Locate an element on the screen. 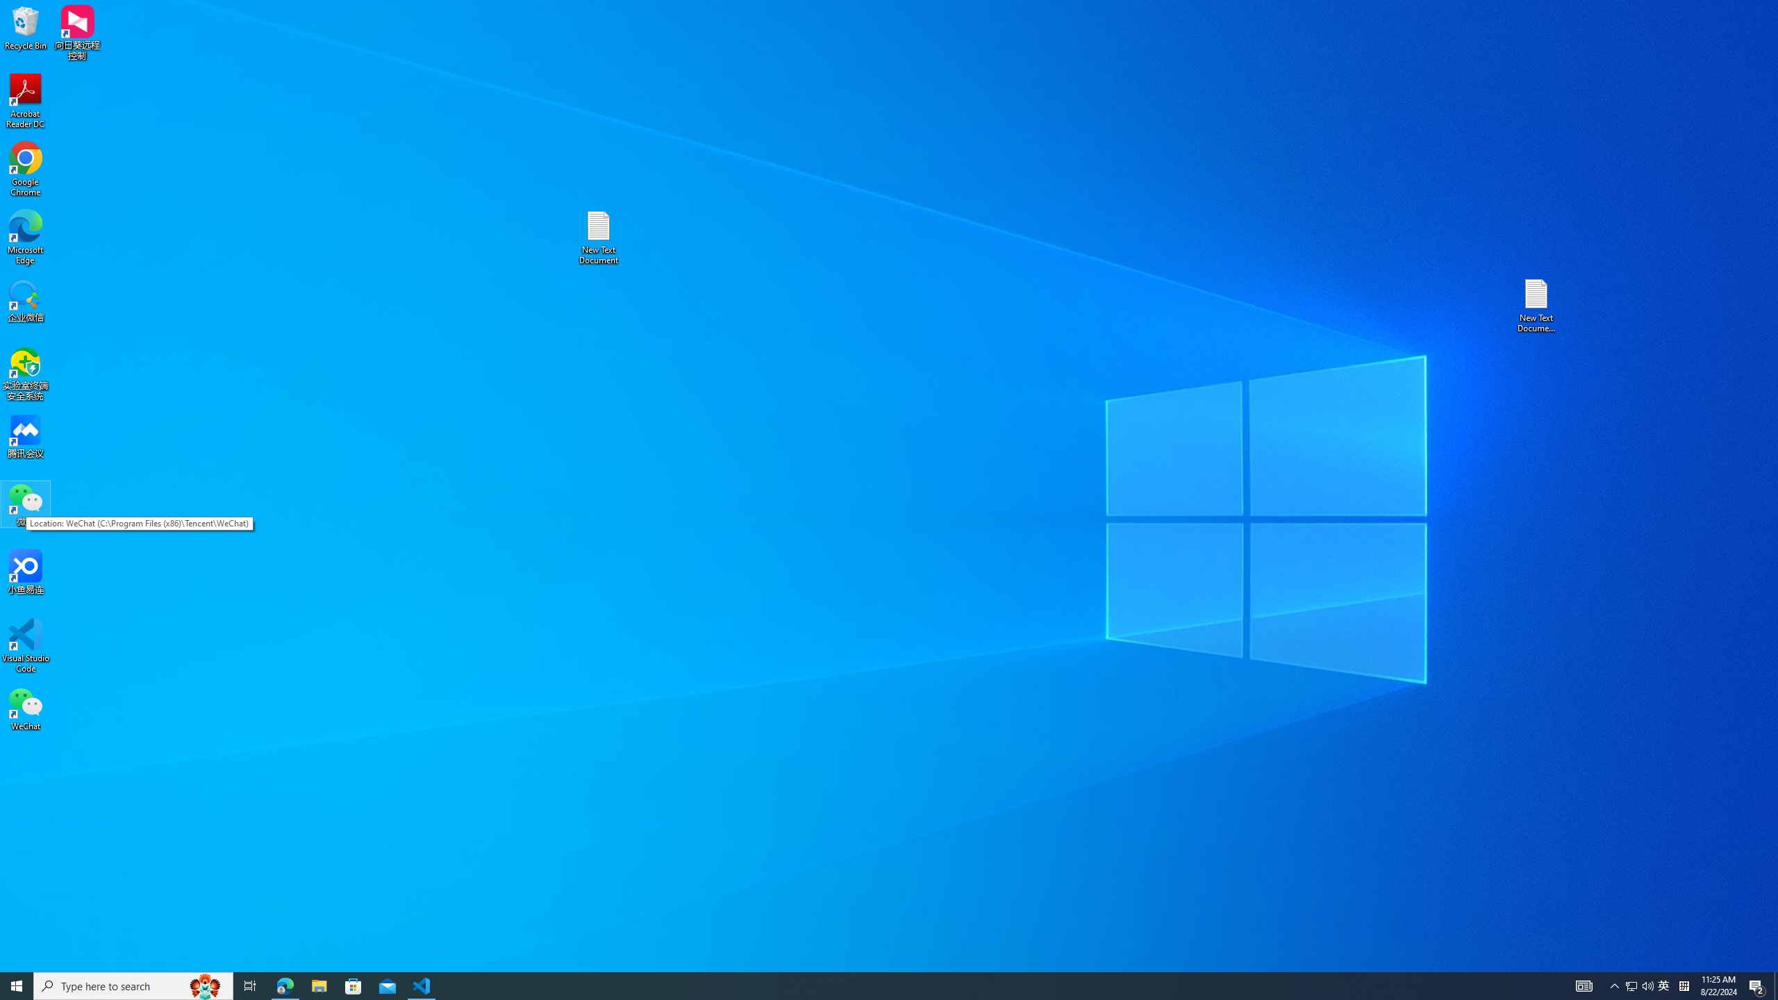  'Microsoft Edge' is located at coordinates (25, 237).